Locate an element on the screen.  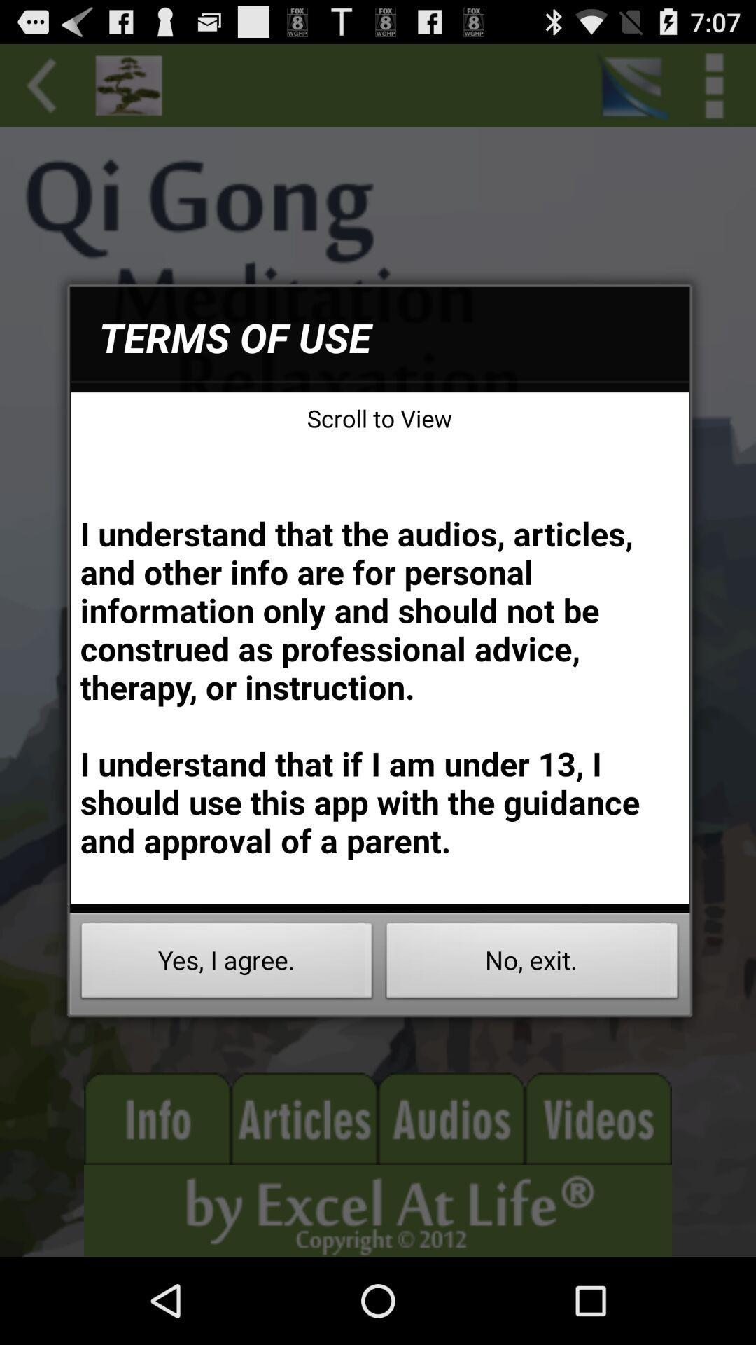
no, exit. item is located at coordinates (532, 964).